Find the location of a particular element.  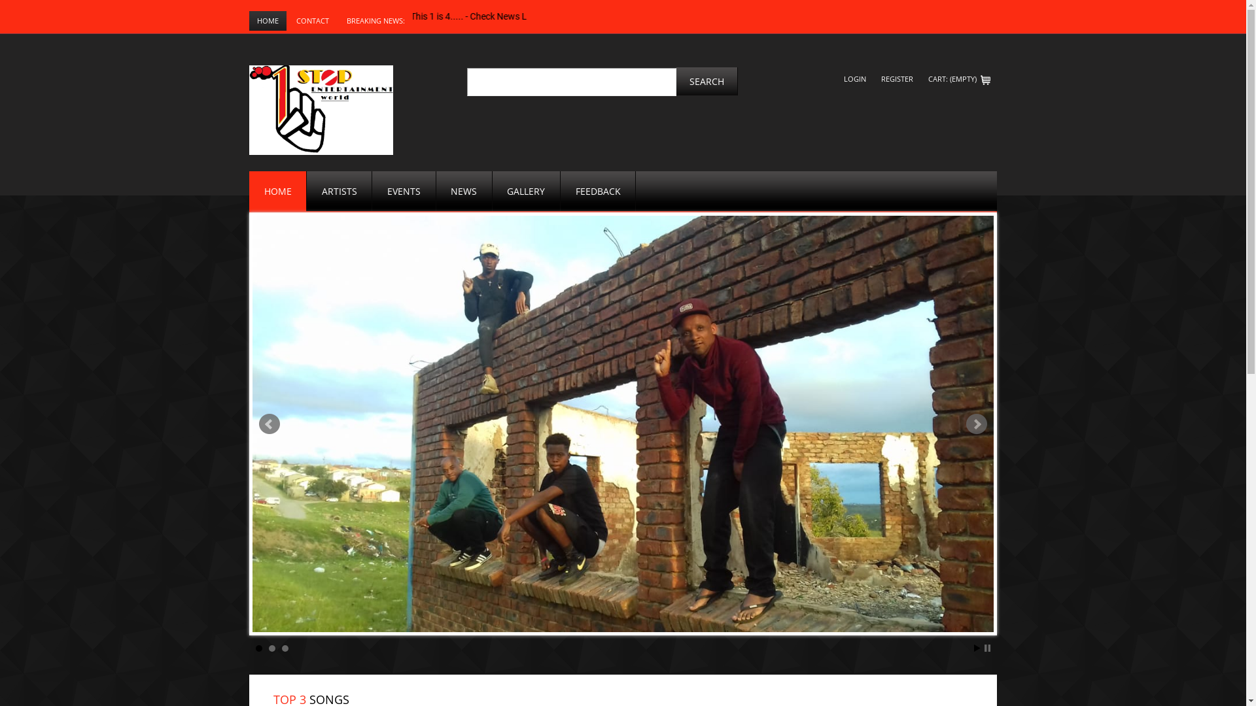

'EVENTS' is located at coordinates (372, 191).